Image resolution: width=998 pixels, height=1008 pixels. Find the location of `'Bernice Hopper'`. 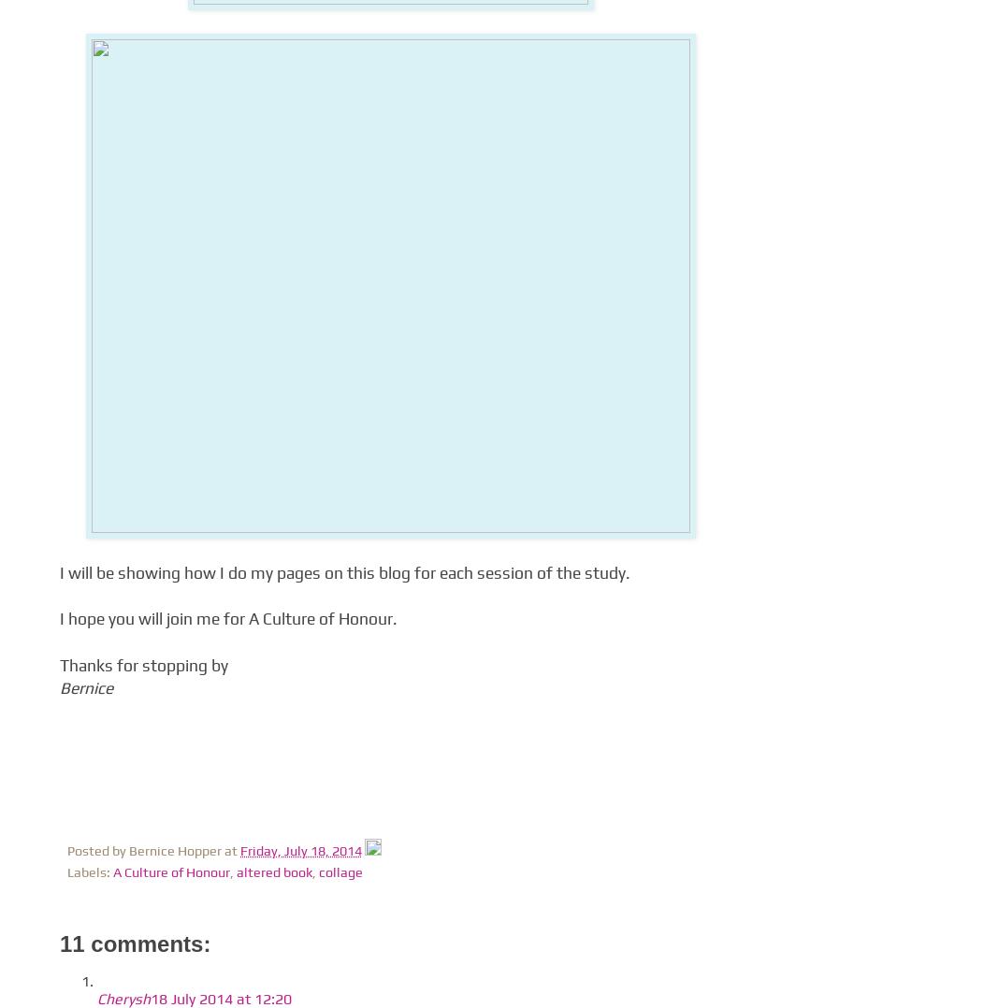

'Bernice Hopper' is located at coordinates (175, 851).